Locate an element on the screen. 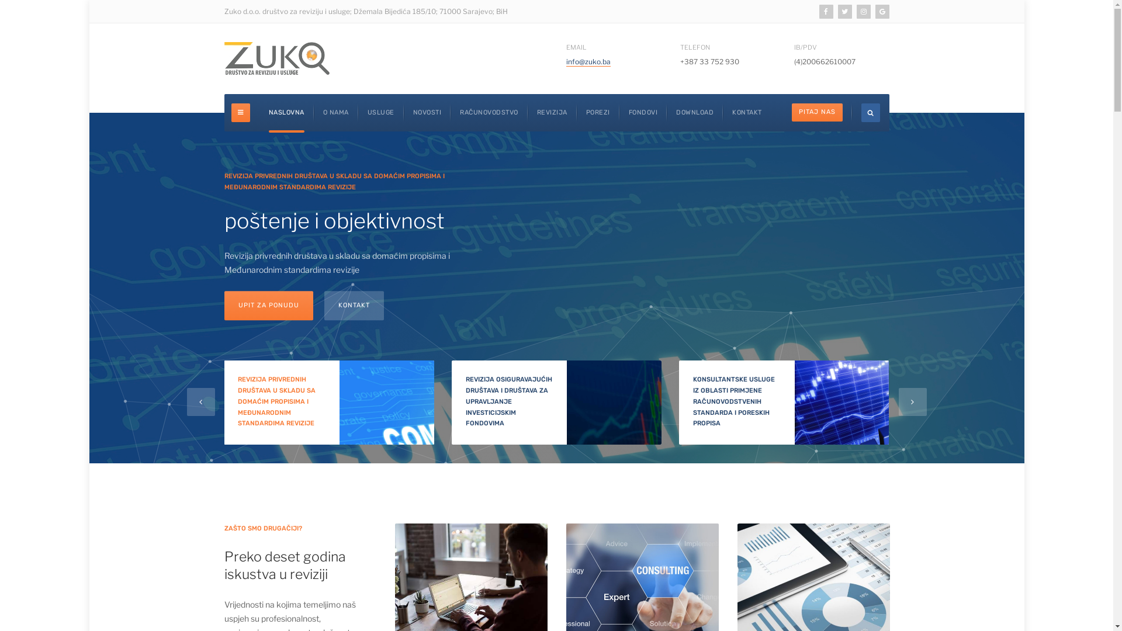 The height and width of the screenshot is (631, 1122). 'REVIZIJA' is located at coordinates (551, 112).